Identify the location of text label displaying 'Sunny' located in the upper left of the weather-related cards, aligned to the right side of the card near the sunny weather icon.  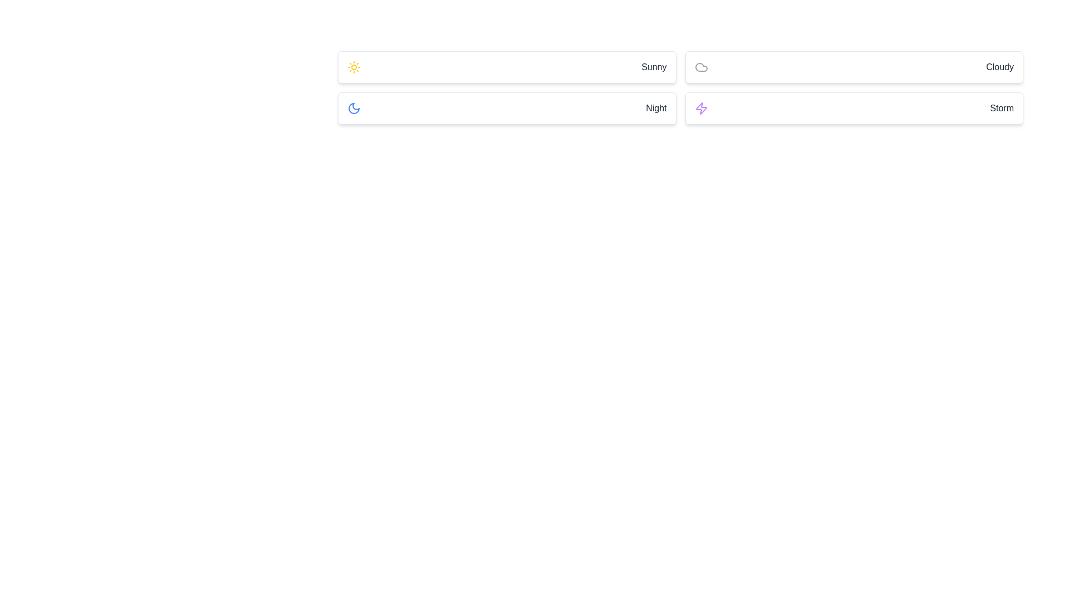
(654, 67).